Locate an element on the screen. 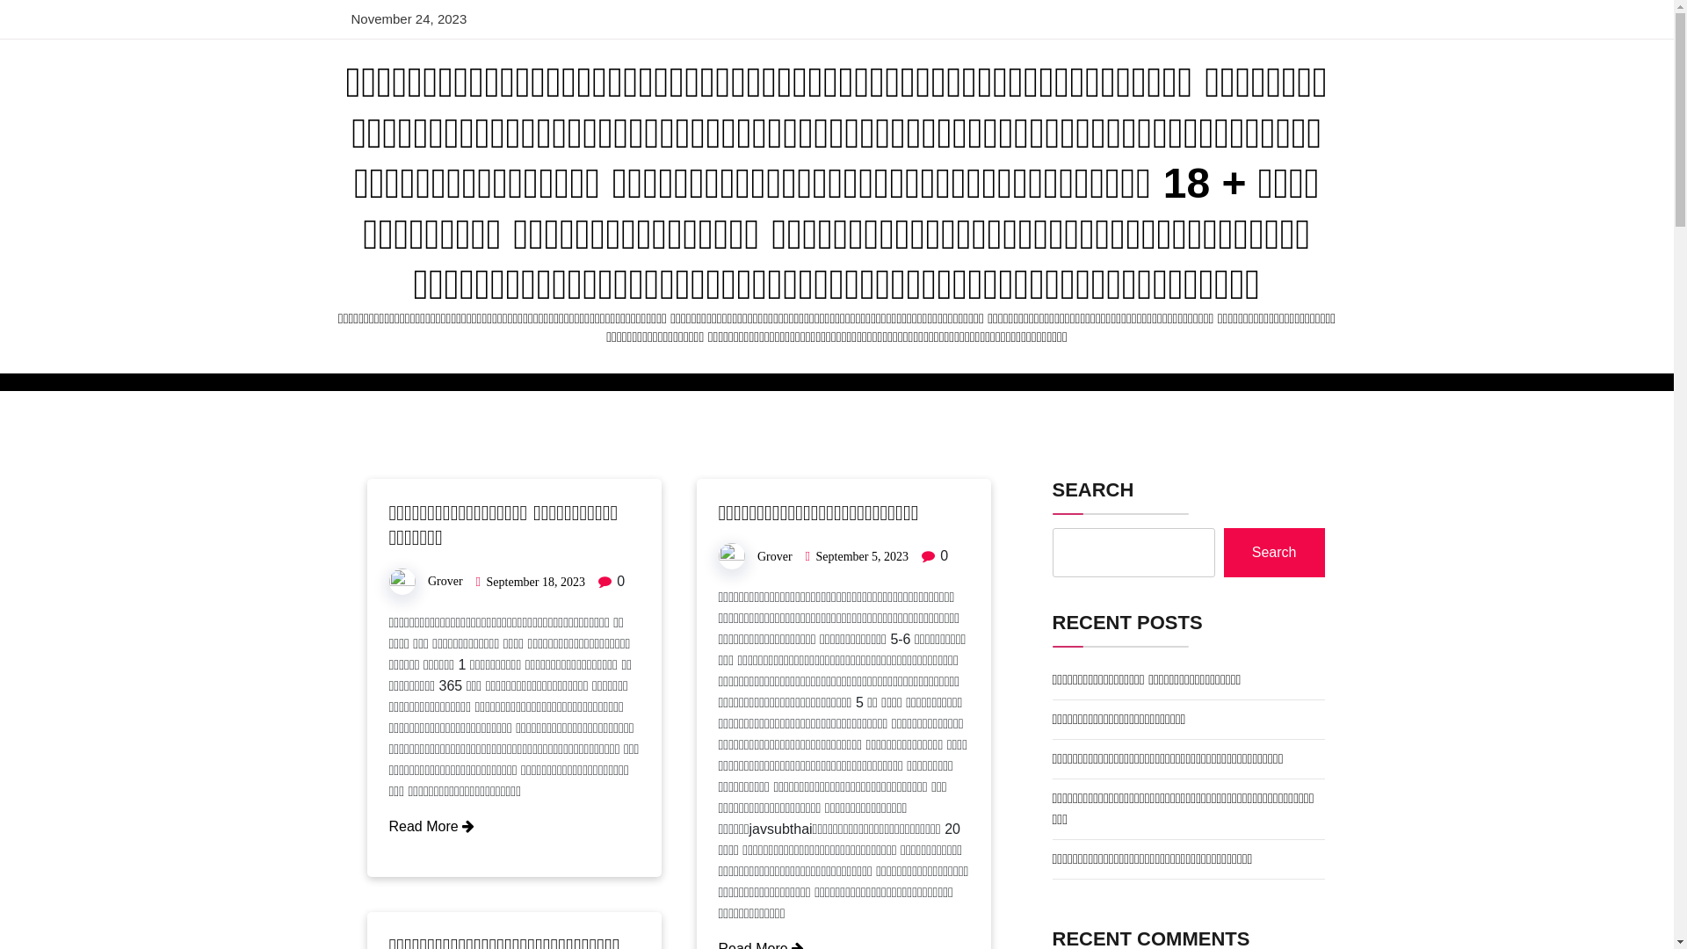 Image resolution: width=1687 pixels, height=949 pixels. 'Search' is located at coordinates (1274, 551).